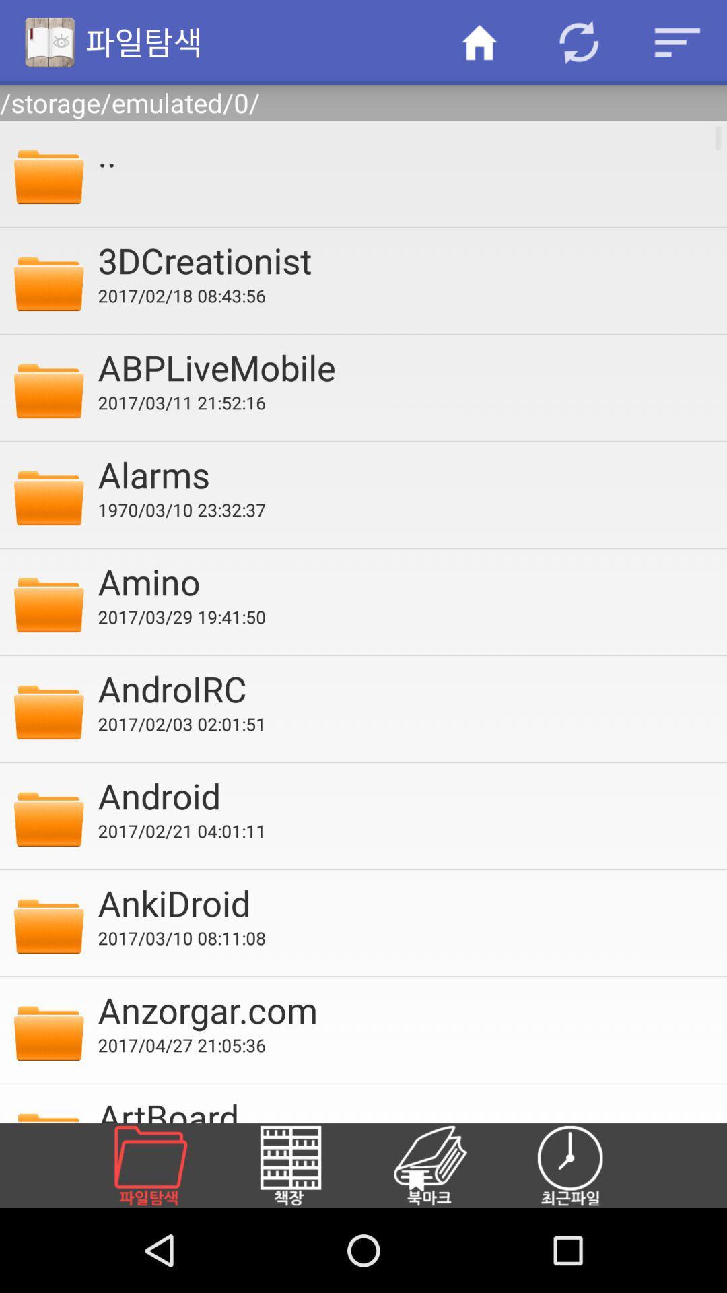  Describe the element at coordinates (166, 1165) in the screenshot. I see `app below artboard item` at that location.